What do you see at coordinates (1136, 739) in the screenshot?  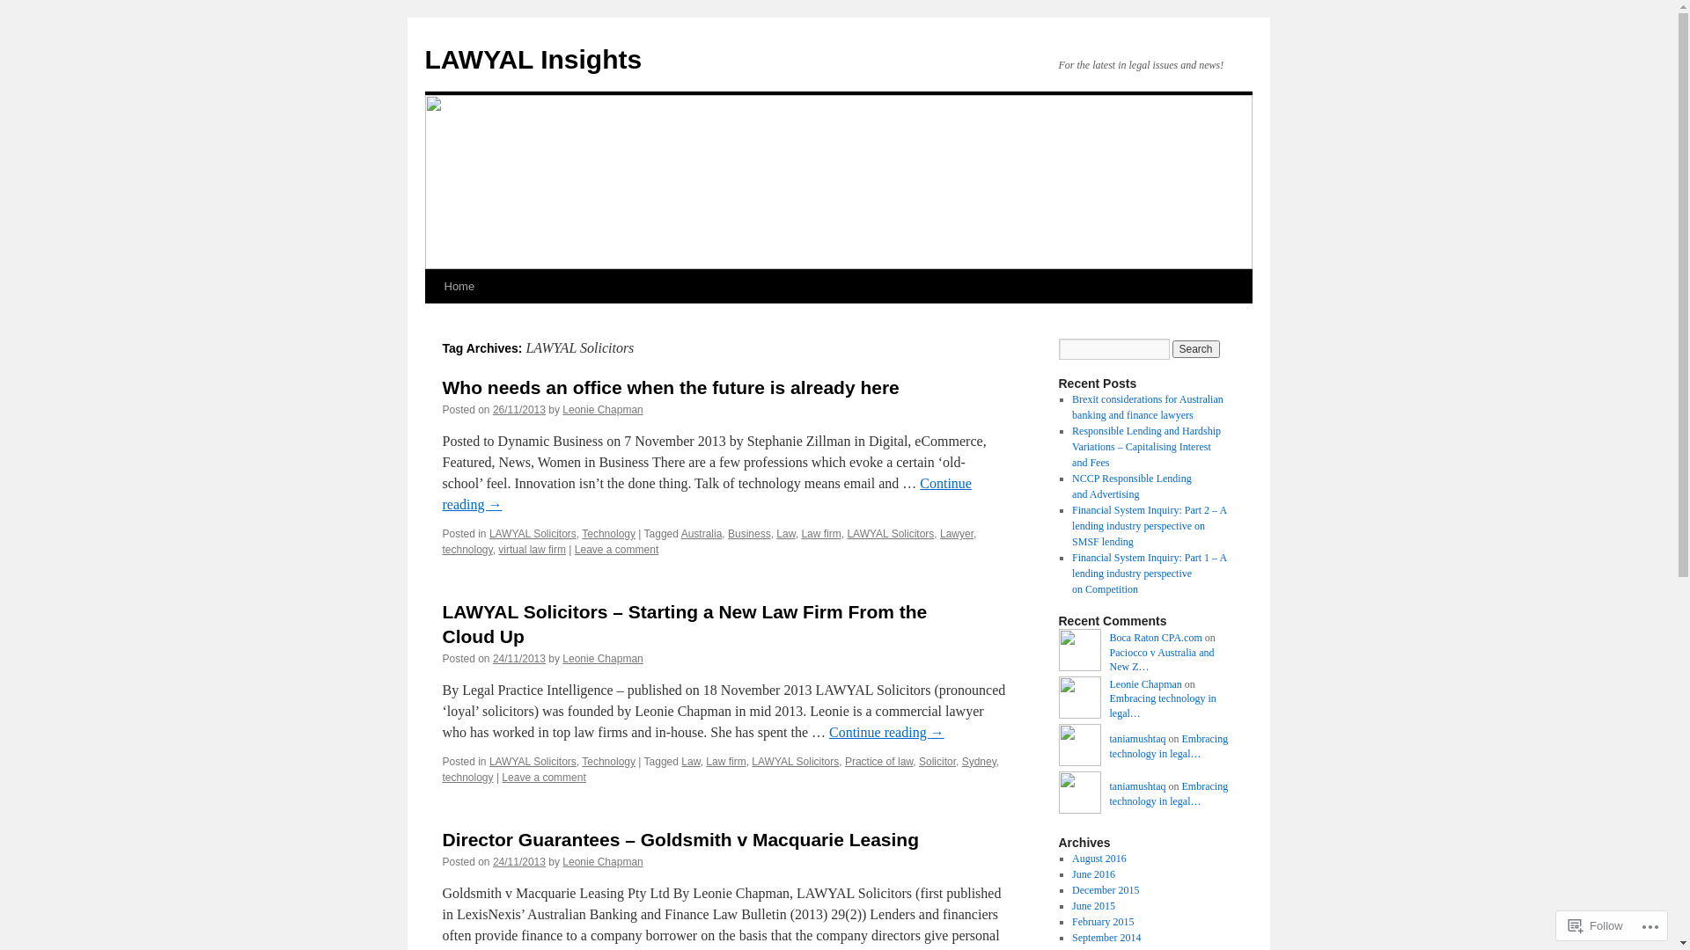 I see `'taniamushtaq'` at bounding box center [1136, 739].